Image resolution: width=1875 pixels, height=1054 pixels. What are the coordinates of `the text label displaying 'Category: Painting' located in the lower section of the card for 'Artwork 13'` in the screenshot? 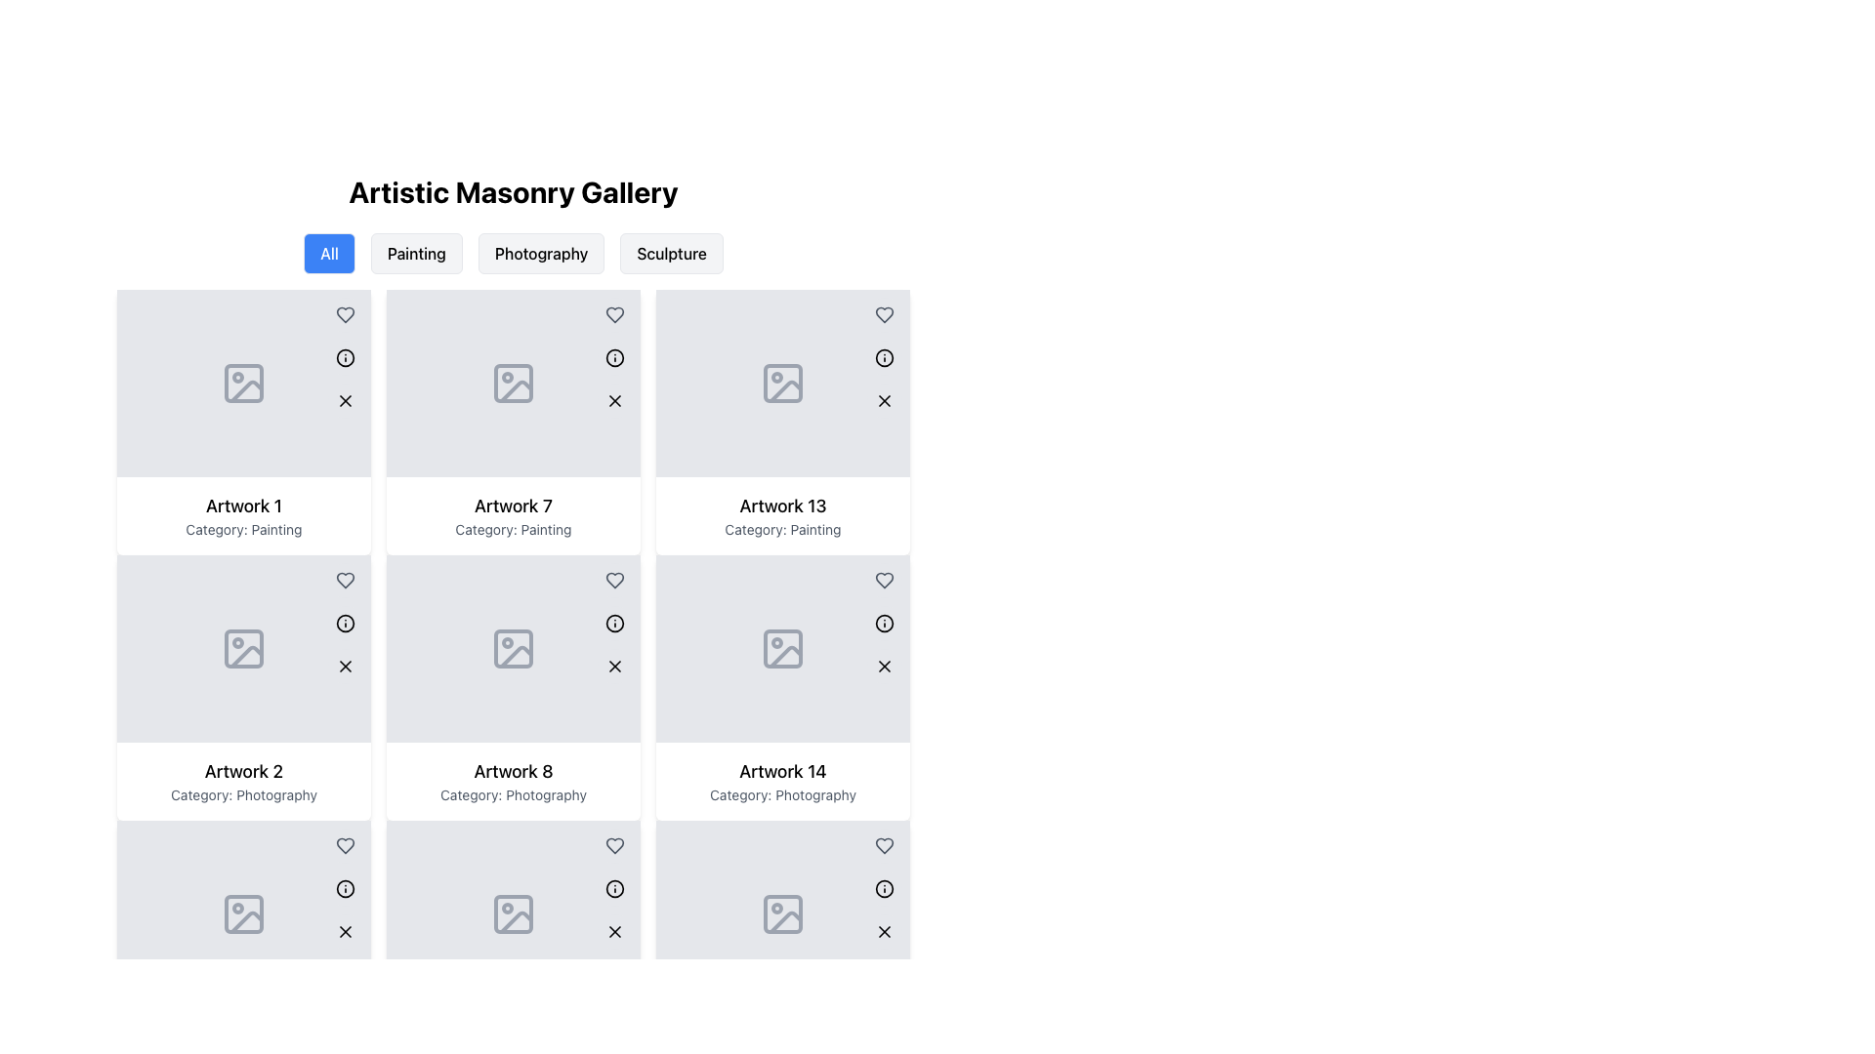 It's located at (782, 530).